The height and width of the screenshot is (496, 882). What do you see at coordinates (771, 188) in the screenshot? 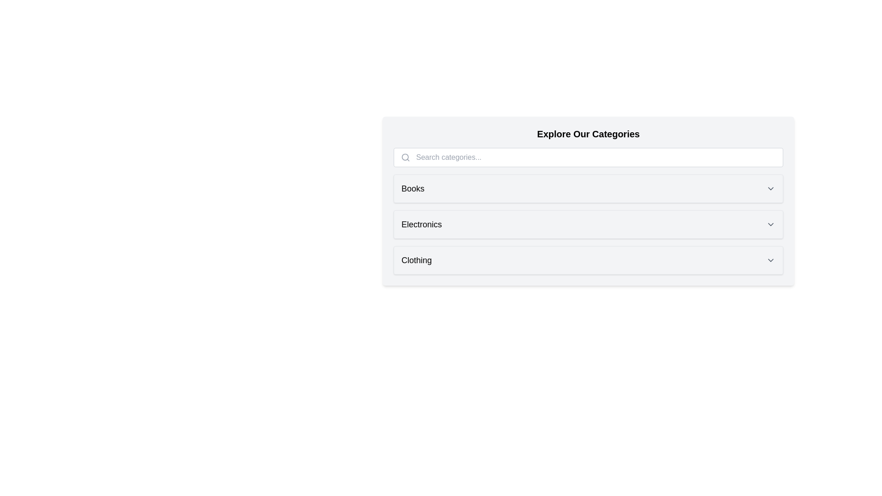
I see `the chevron of the category Books to expand or collapse it` at bounding box center [771, 188].